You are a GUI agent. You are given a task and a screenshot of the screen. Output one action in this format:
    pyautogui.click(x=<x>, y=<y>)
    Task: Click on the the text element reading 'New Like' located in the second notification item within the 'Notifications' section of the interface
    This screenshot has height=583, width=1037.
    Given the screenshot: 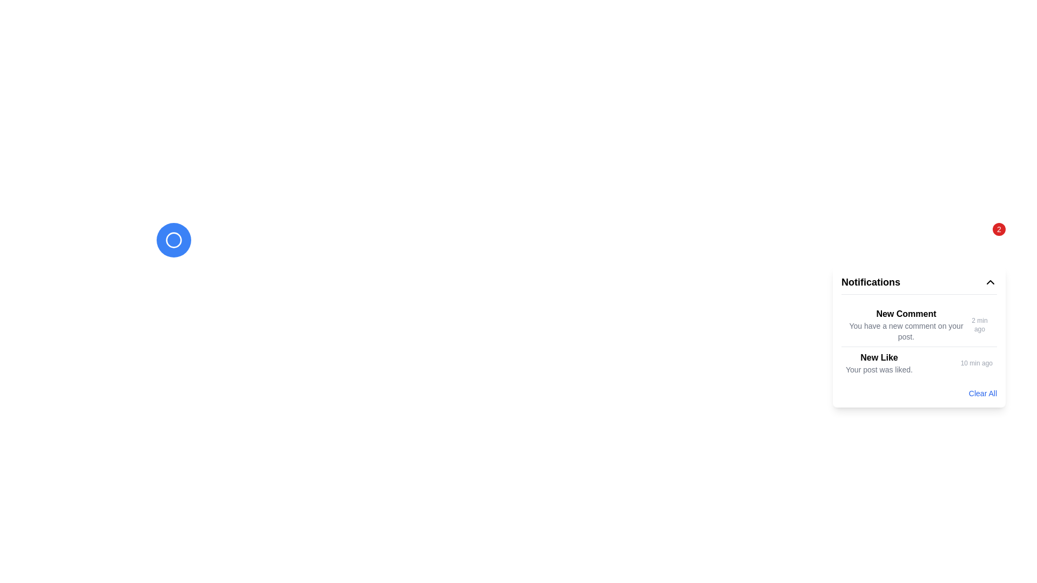 What is the action you would take?
    pyautogui.click(x=879, y=358)
    